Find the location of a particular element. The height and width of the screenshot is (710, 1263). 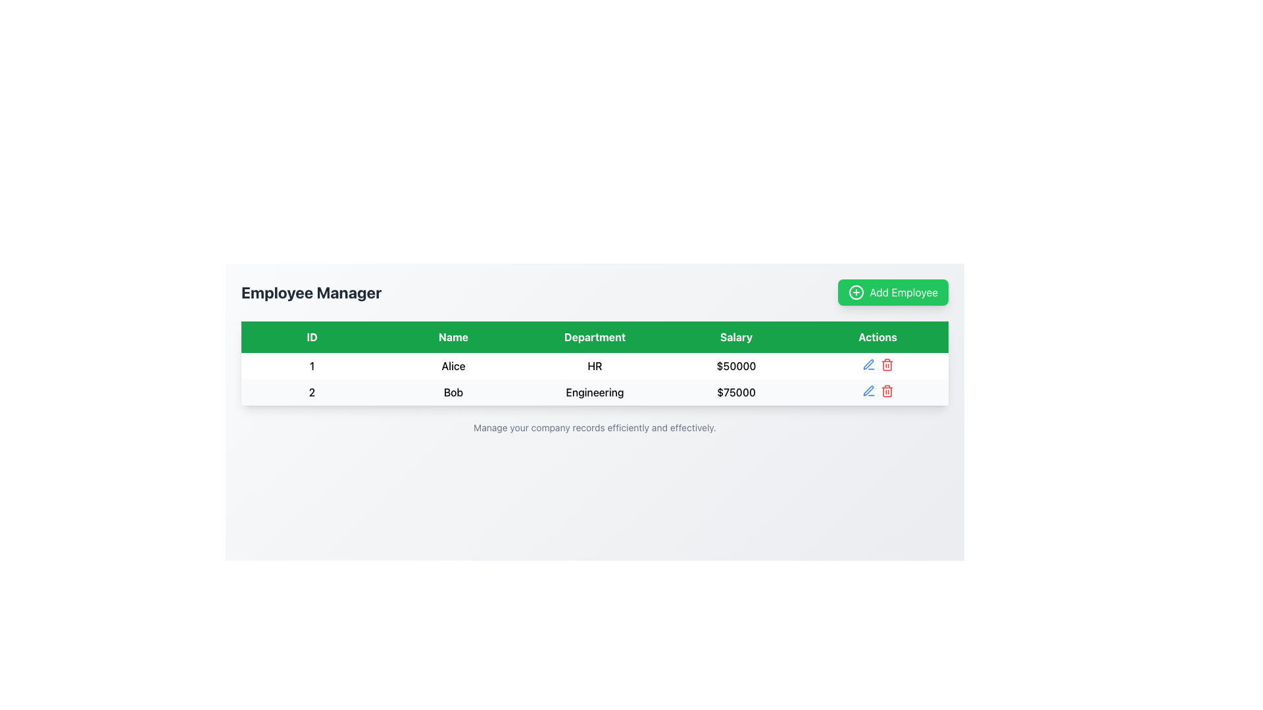

the read-only Text Cell that displays the unique identifier of the first entry in the table, located in the first row under the 'ID' header is located at coordinates (311, 366).